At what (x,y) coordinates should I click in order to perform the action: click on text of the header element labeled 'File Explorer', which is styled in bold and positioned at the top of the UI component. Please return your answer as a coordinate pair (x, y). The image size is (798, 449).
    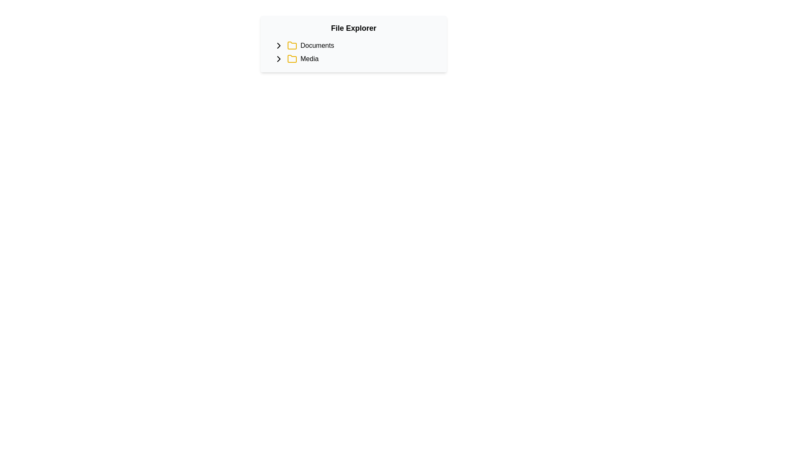
    Looking at the image, I should click on (353, 28).